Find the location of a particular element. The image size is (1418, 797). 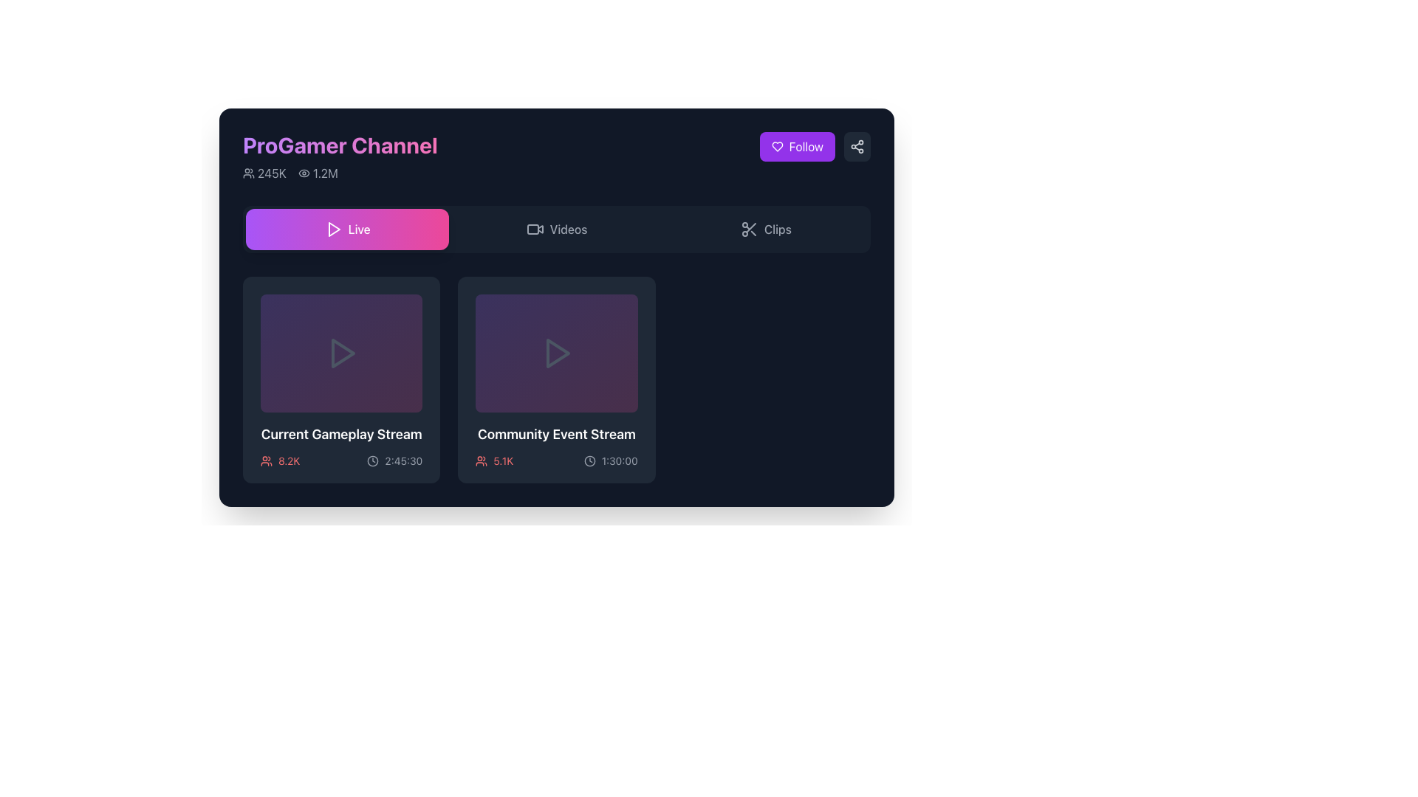

the small rectangle with rounded corners that is part of the video icon, styled in a dark color scheme, located in the central-left portion of the icon is located at coordinates (532, 230).